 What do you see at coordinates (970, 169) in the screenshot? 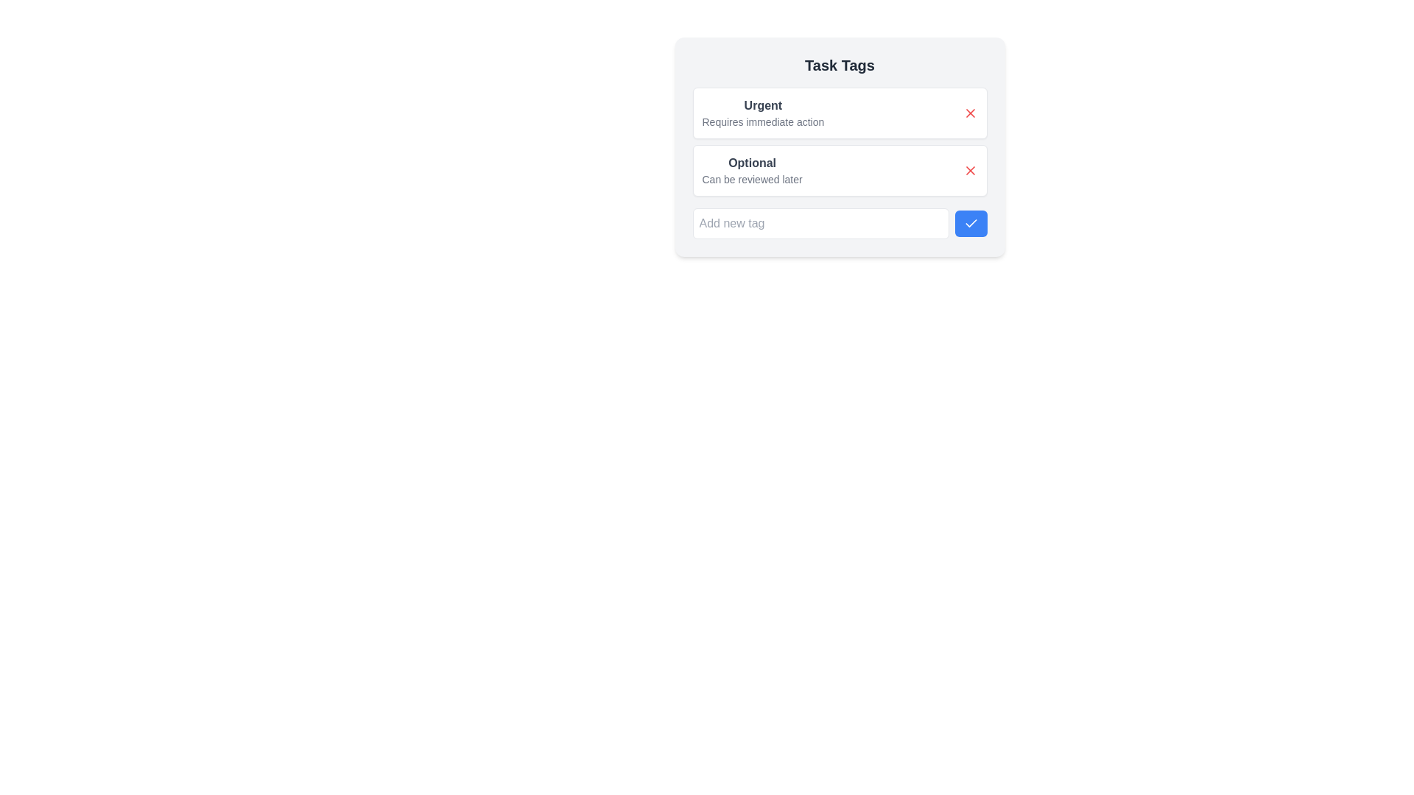
I see `the red cross-shaped icon button located to the right of the 'Optional' label in the 'Task Tags' panel` at bounding box center [970, 169].